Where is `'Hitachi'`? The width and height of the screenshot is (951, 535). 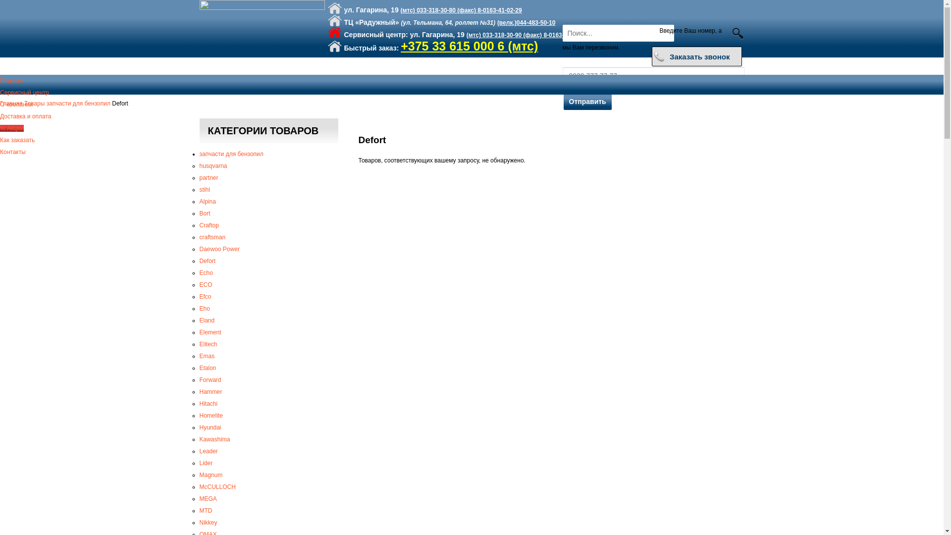 'Hitachi' is located at coordinates (208, 403).